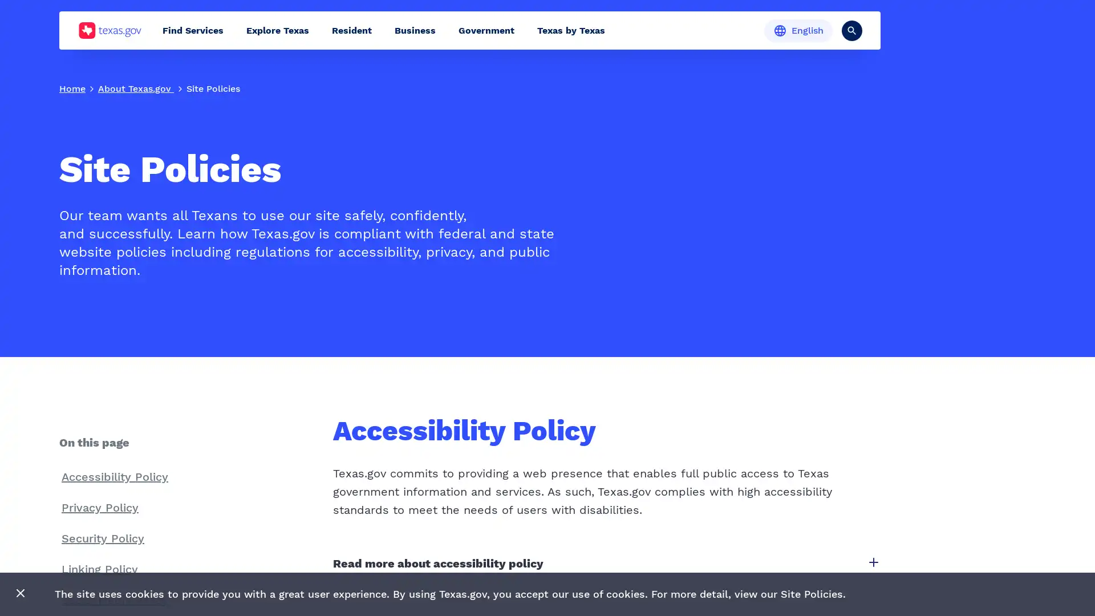 The width and height of the screenshot is (1095, 616). Describe the element at coordinates (21, 593) in the screenshot. I see `Close` at that location.